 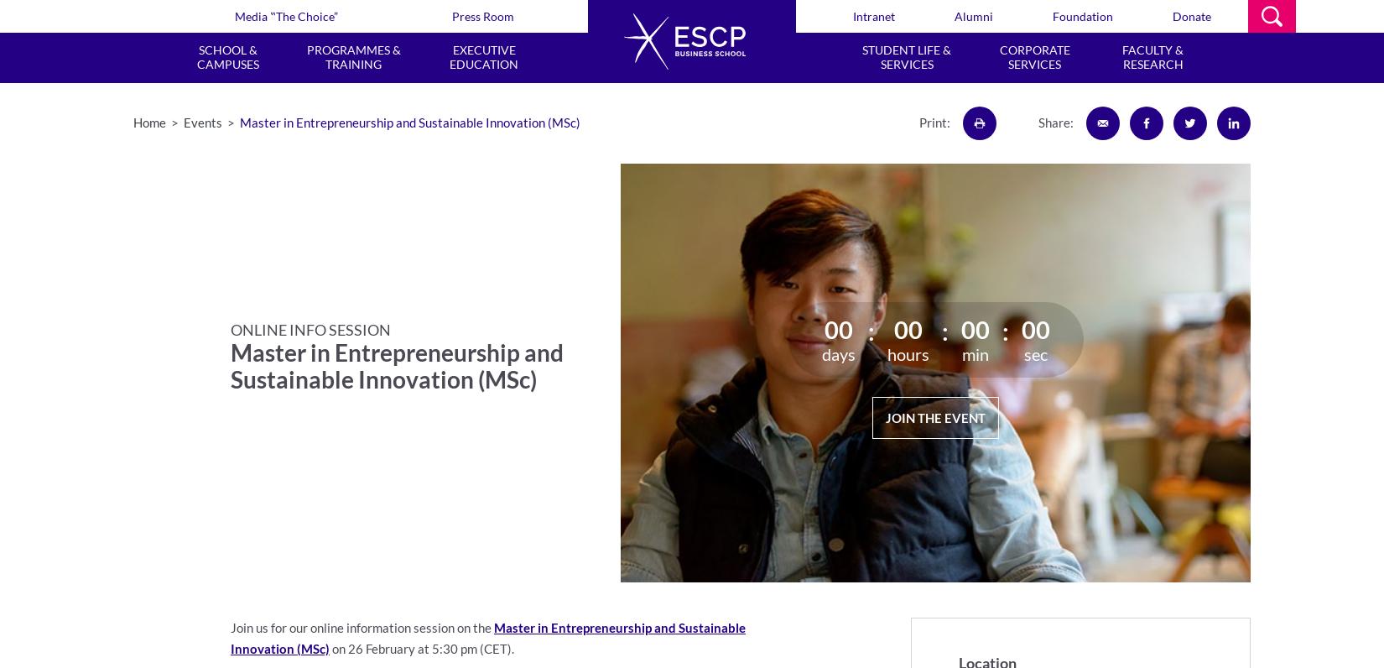 I want to click on 'Share:', so click(x=1054, y=121).